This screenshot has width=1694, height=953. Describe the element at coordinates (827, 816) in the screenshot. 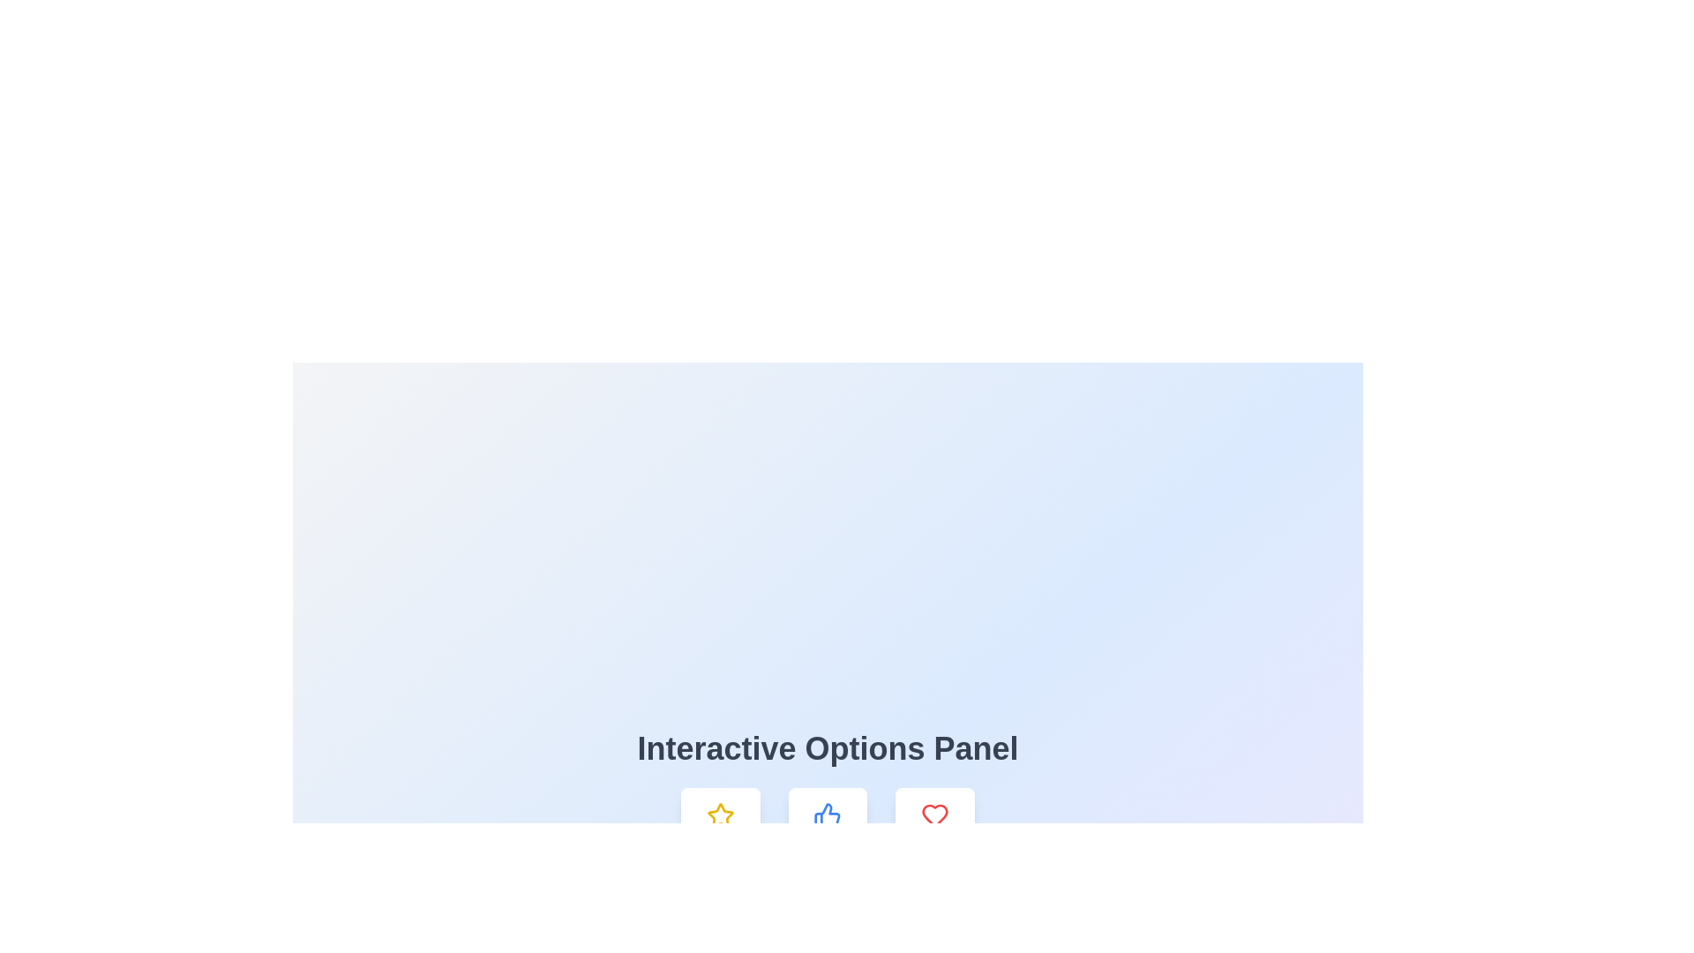

I see `the Thumbs-Up icon in the Interactive Options Panel to express positive feedback or approval` at that location.